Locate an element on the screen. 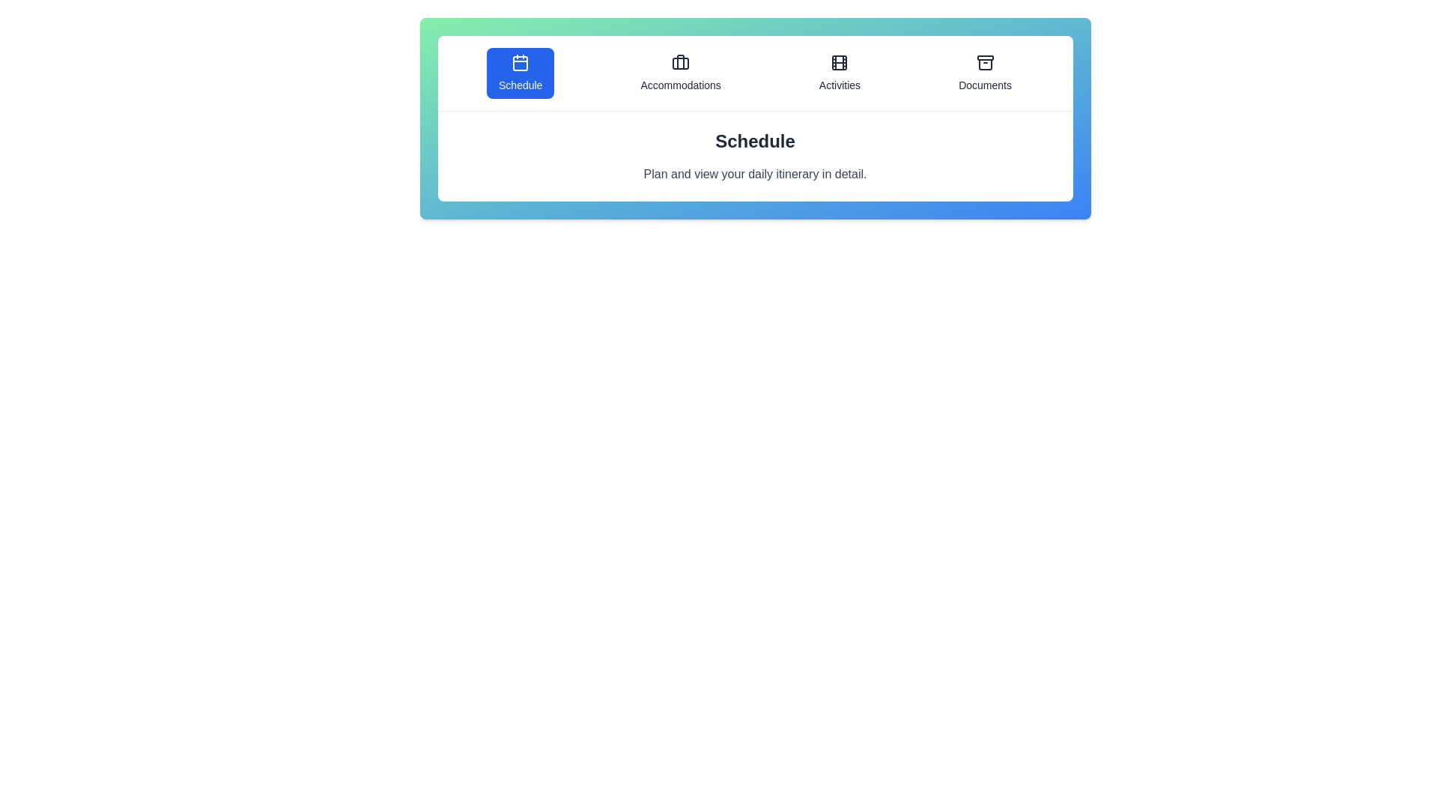 This screenshot has height=809, width=1438. the tab icon labeled Schedule to display its tooltip is located at coordinates (521, 73).